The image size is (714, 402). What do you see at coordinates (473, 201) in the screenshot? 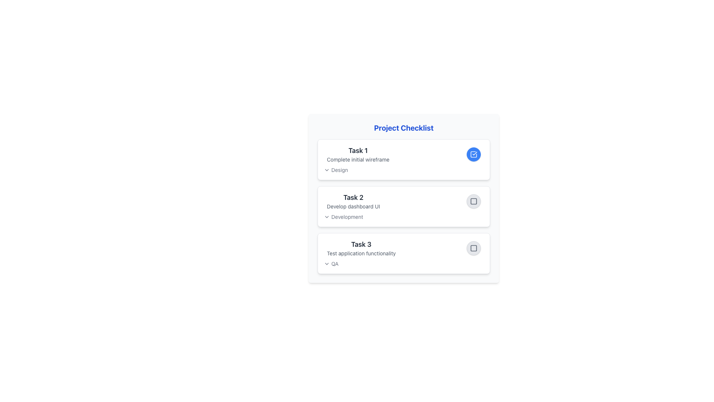
I see `the button located on the right side of the entry labeled 'Task 2' with the description 'Develop dashboard UI'` at bounding box center [473, 201].